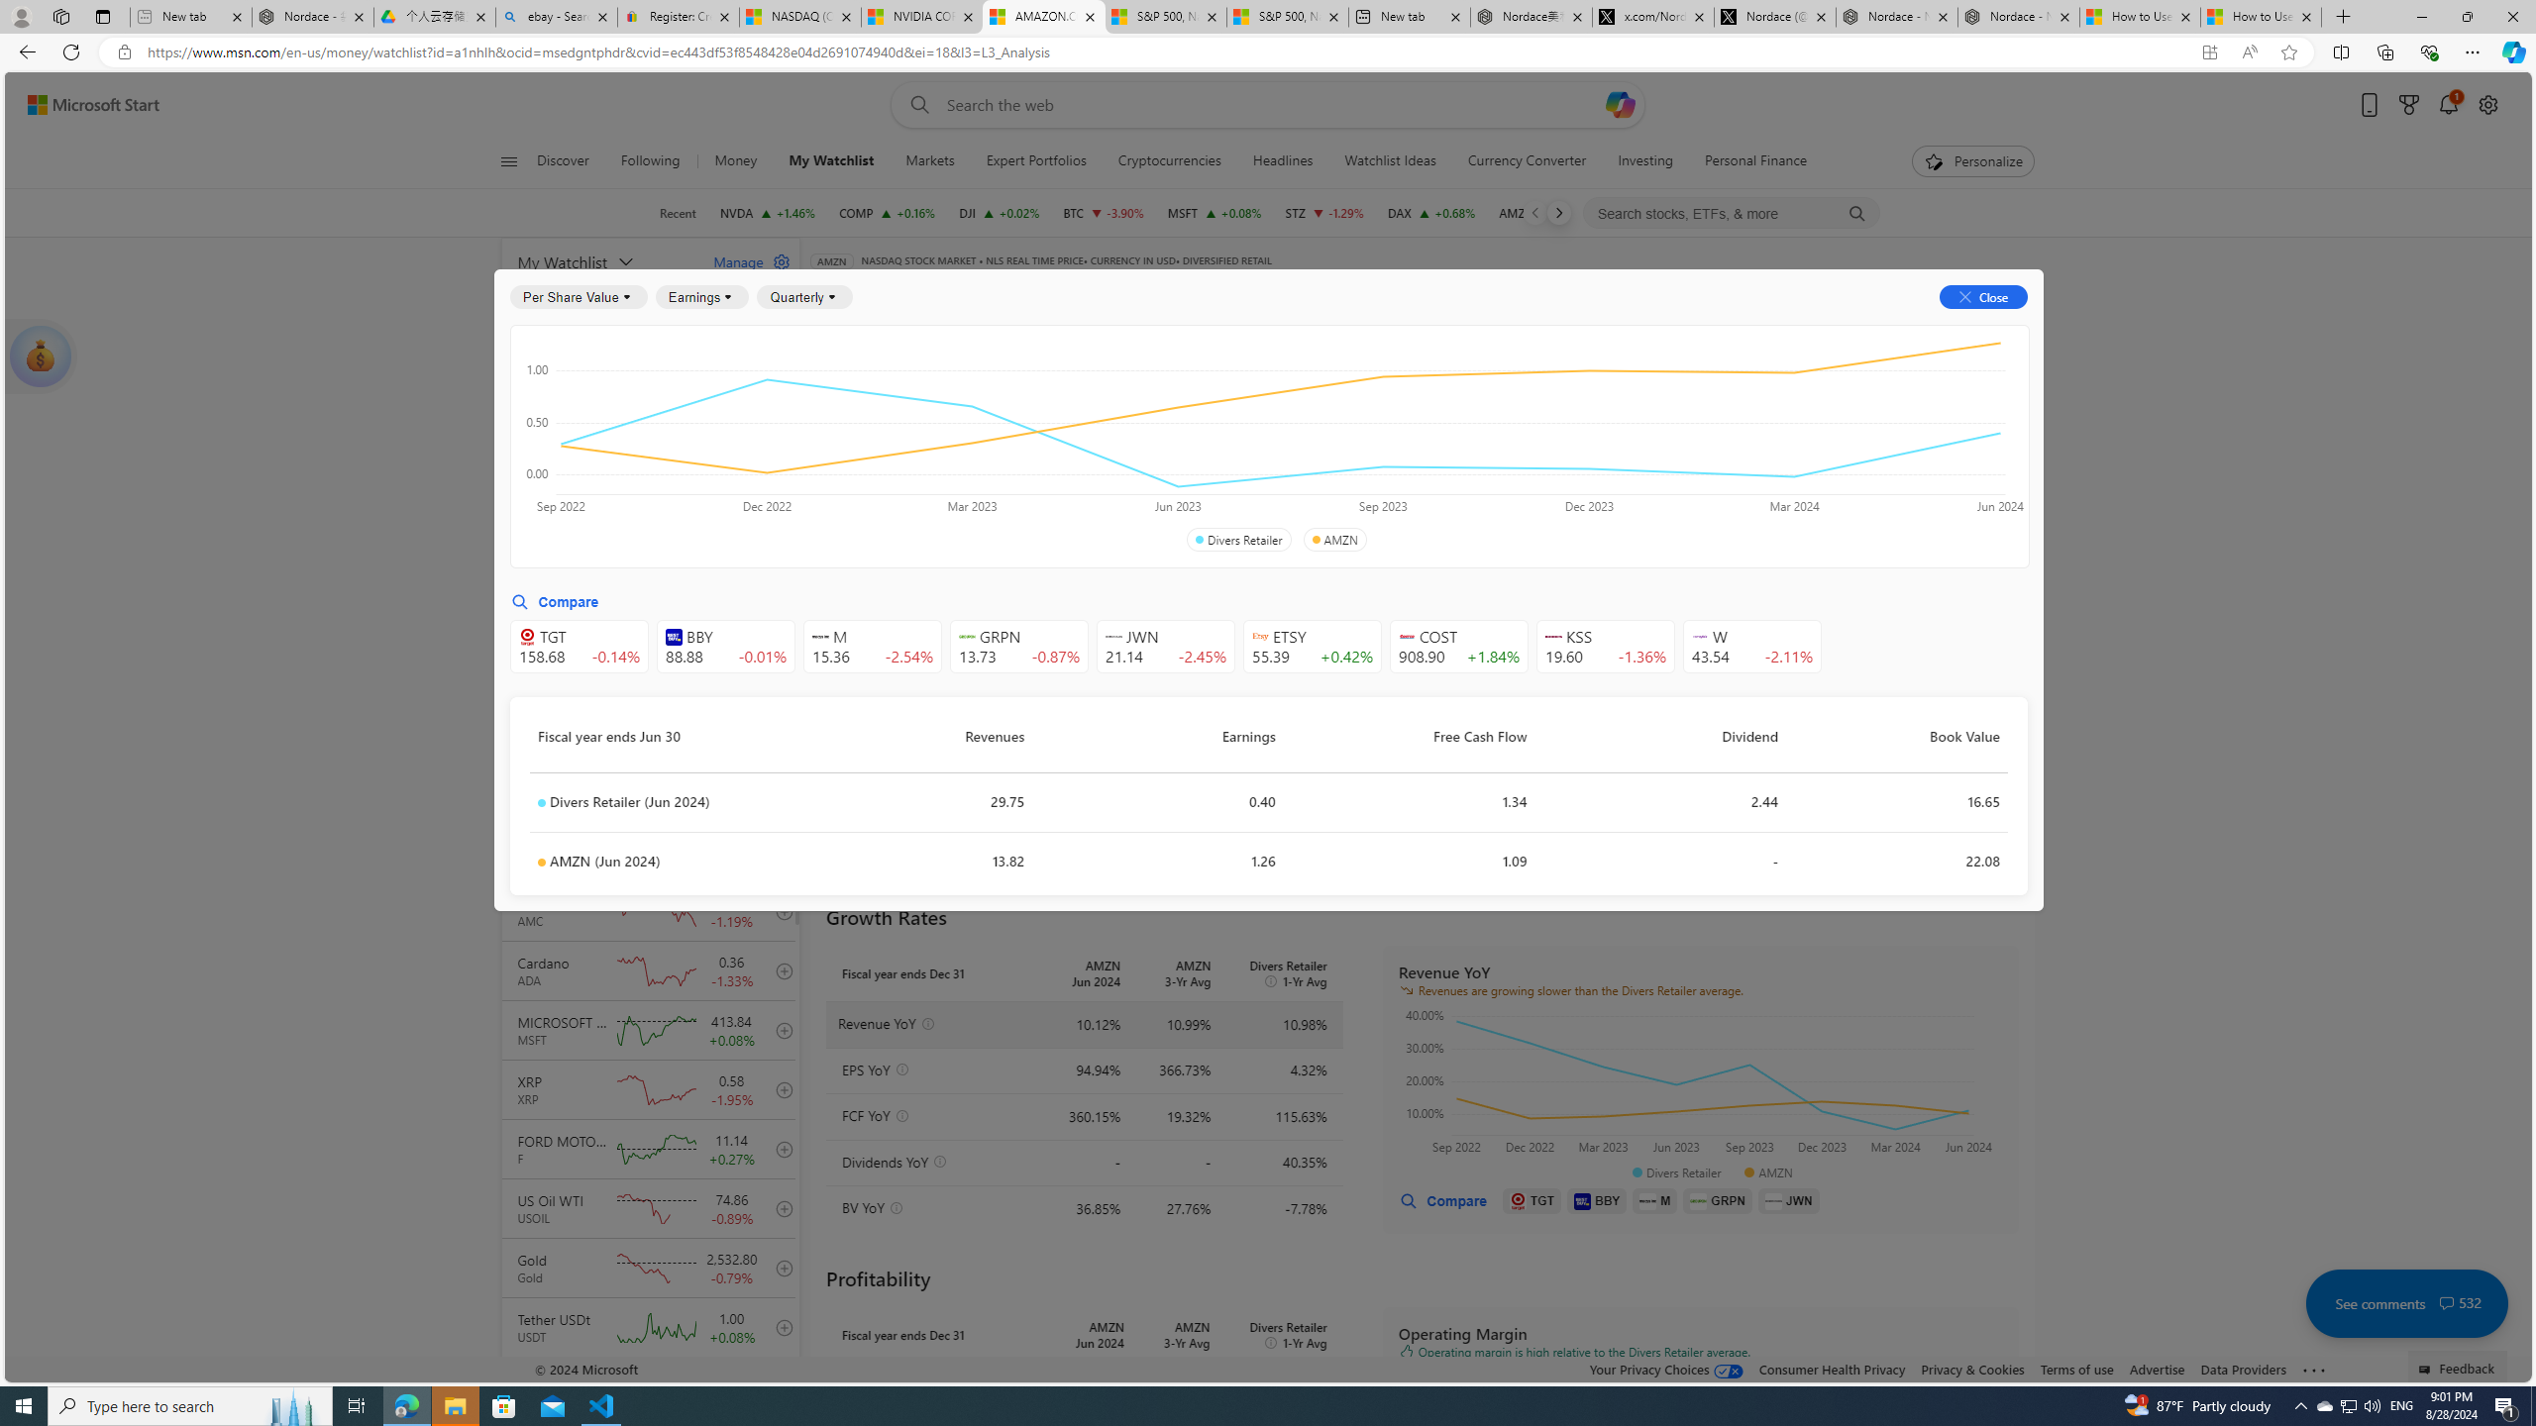 Image resolution: width=2536 pixels, height=1426 pixels. What do you see at coordinates (1774, 16) in the screenshot?
I see `'Nordace (@NordaceOfficial) / X'` at bounding box center [1774, 16].